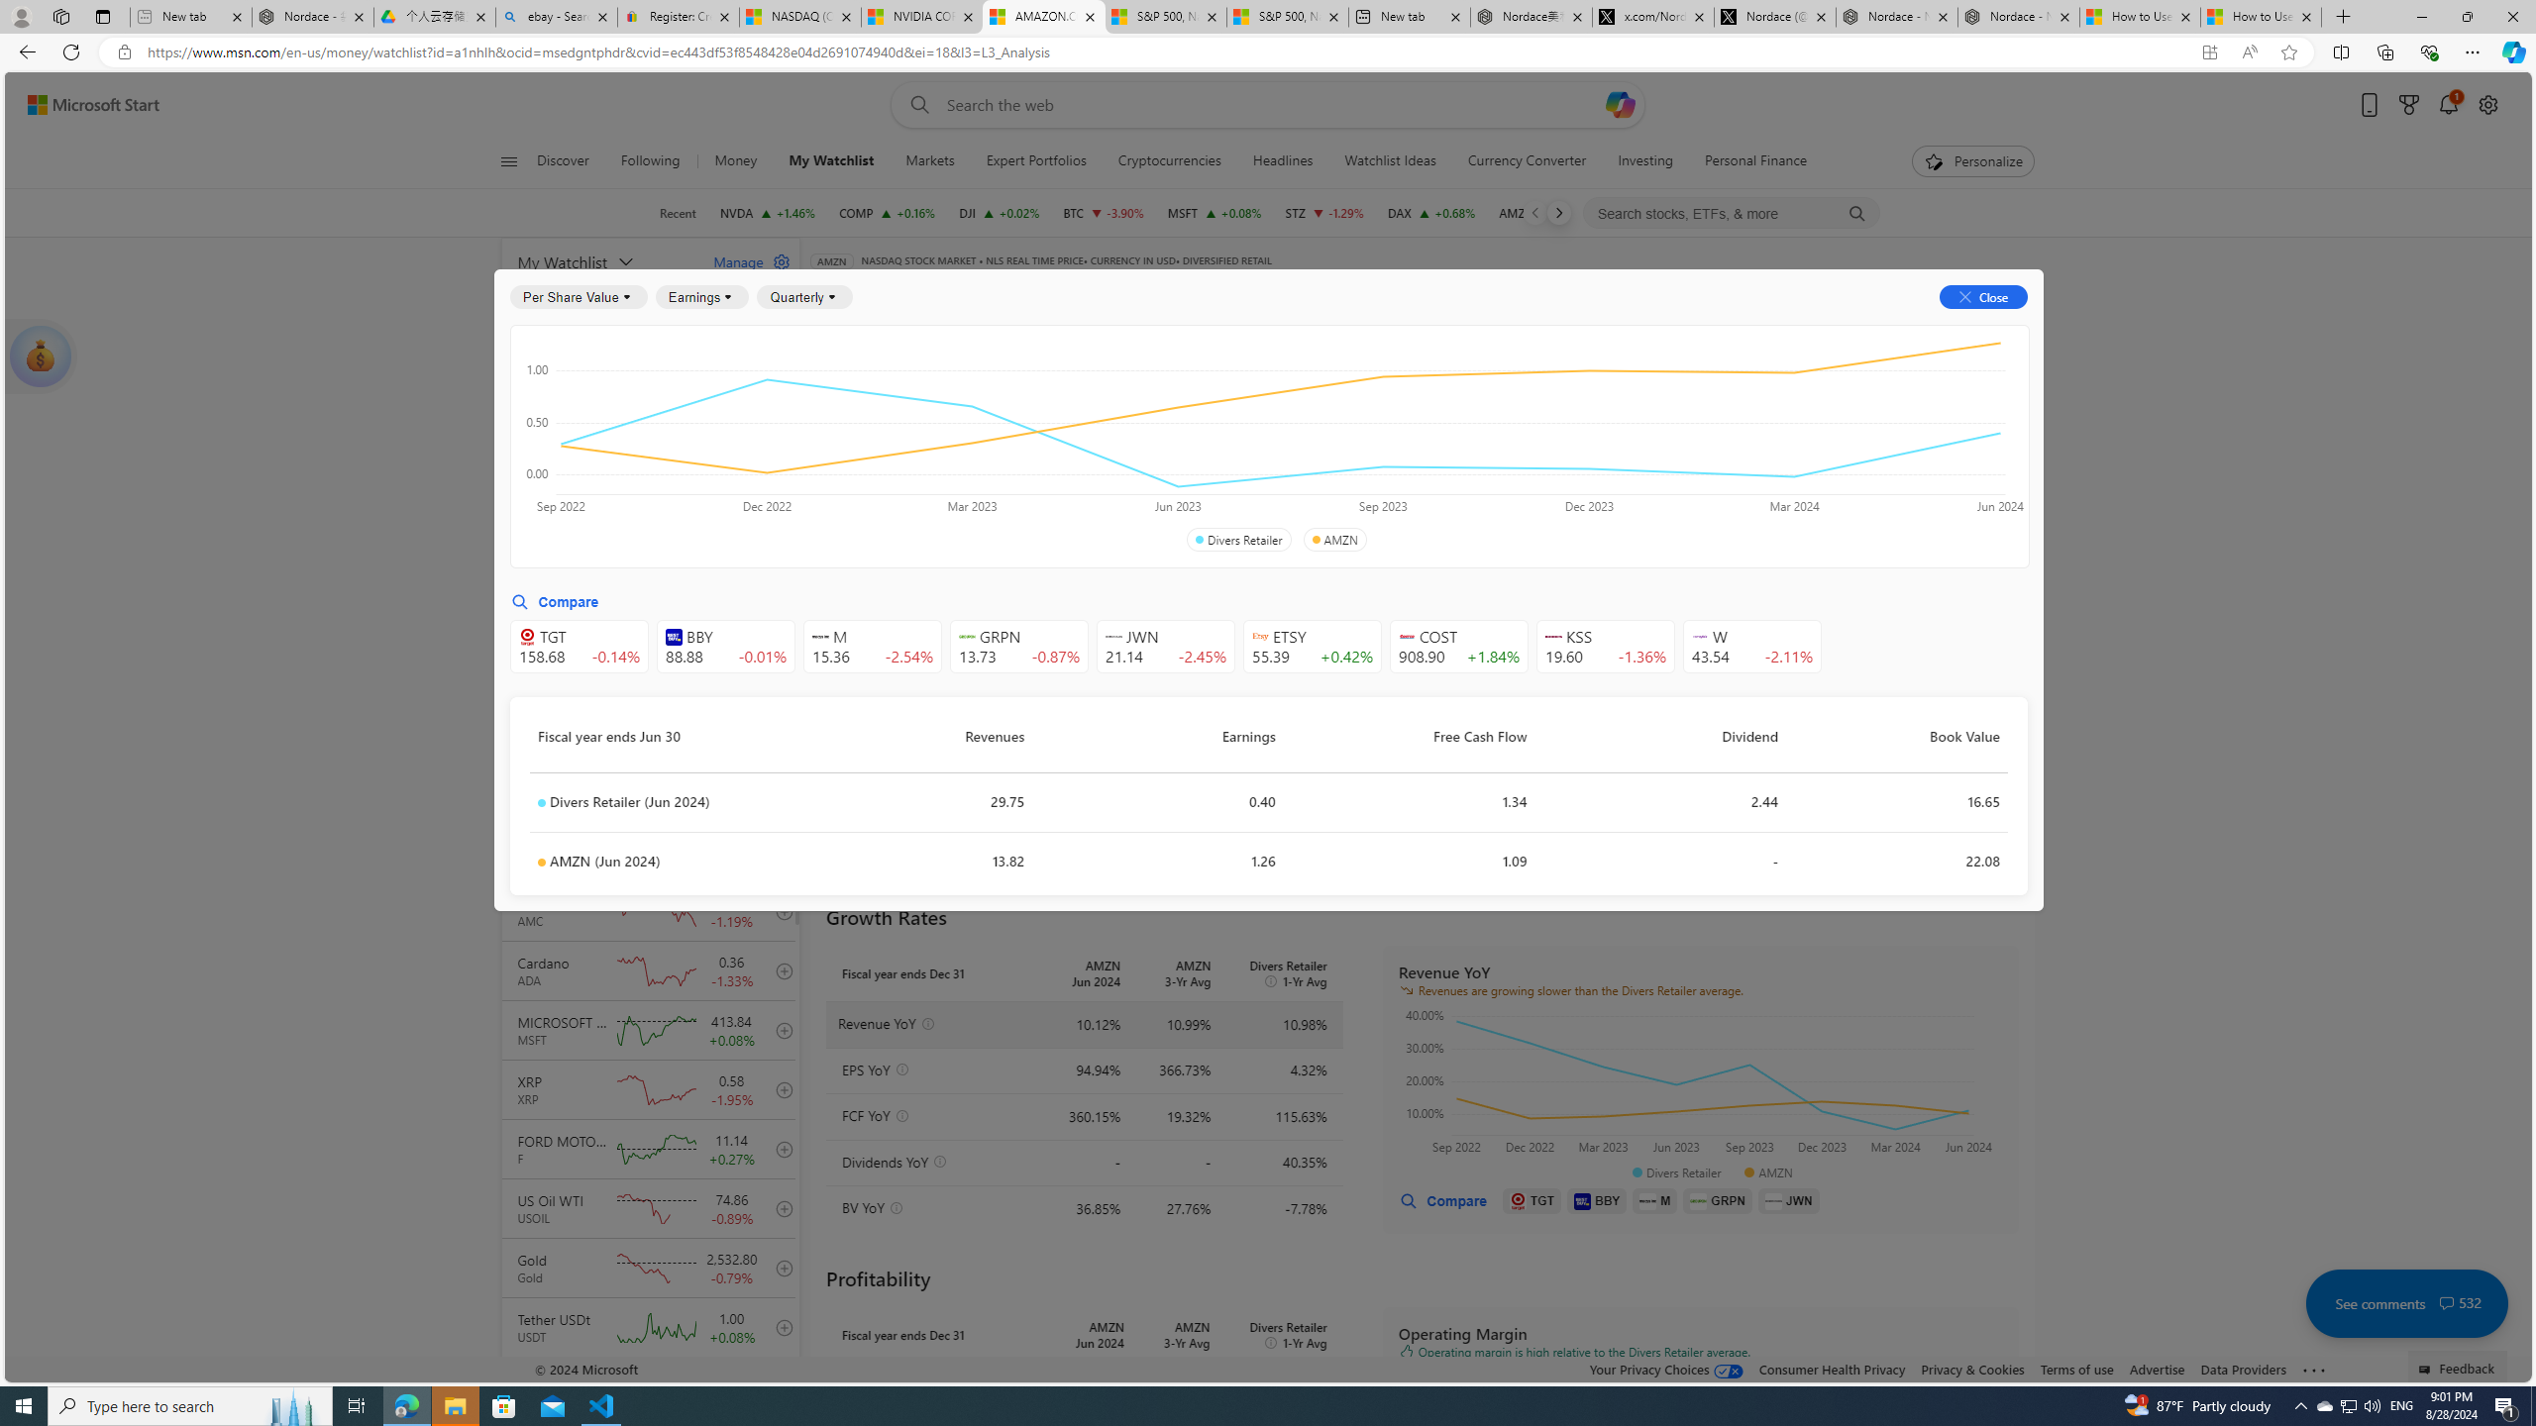 Image resolution: width=2536 pixels, height=1426 pixels. What do you see at coordinates (1774, 16) in the screenshot?
I see `'Nordace (@NordaceOfficial) / X'` at bounding box center [1774, 16].